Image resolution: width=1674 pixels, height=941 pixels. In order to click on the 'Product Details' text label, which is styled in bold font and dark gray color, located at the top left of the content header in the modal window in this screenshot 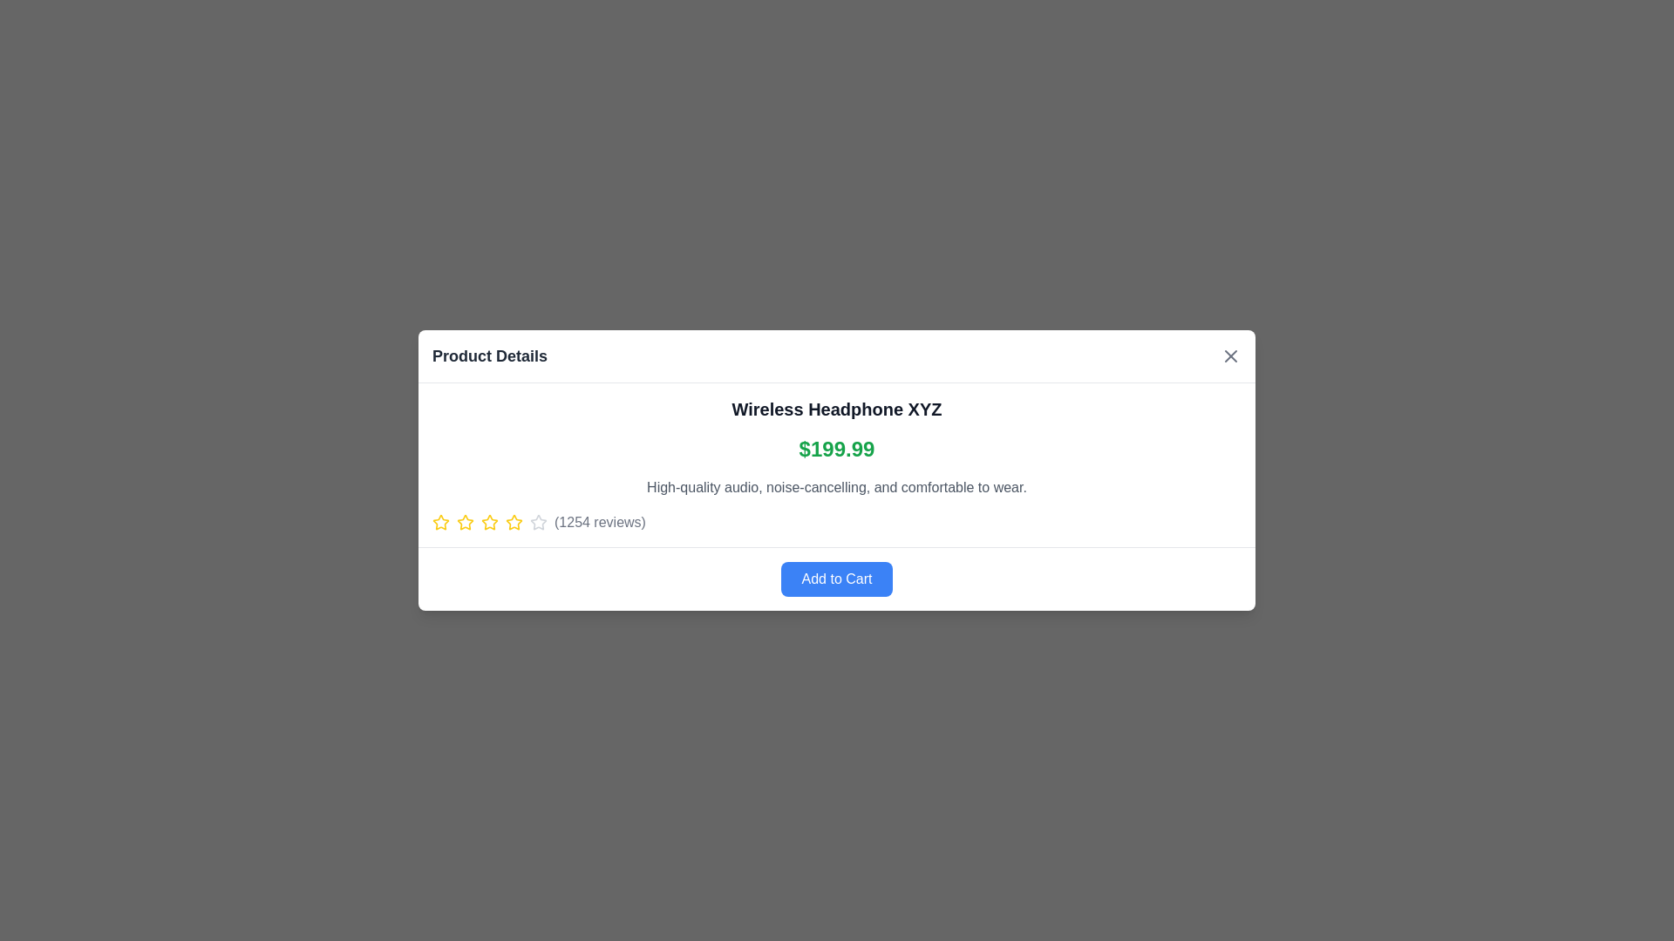, I will do `click(488, 355)`.